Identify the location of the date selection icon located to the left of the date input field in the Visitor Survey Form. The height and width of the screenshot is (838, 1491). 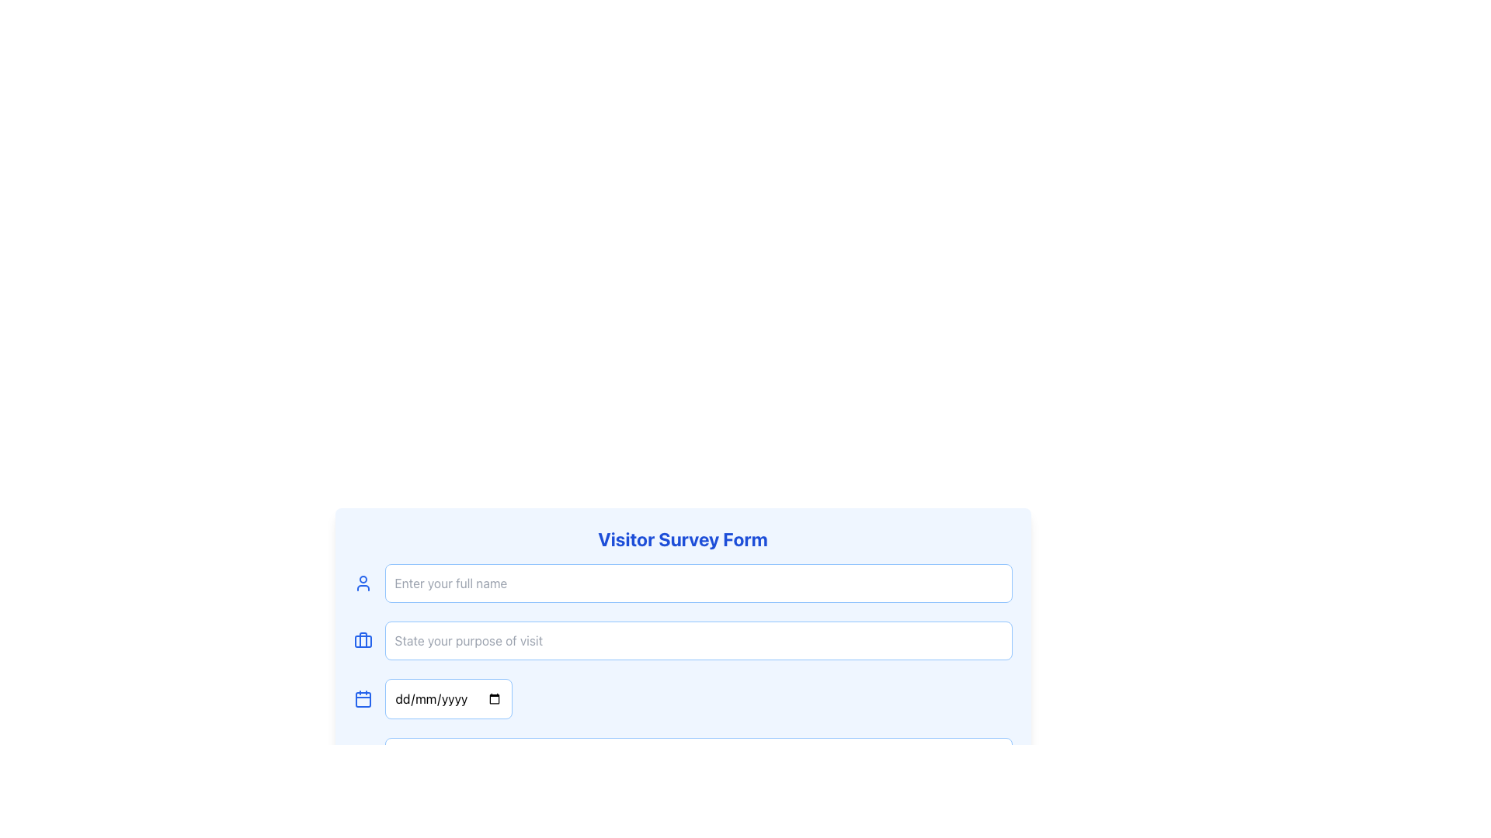
(362, 699).